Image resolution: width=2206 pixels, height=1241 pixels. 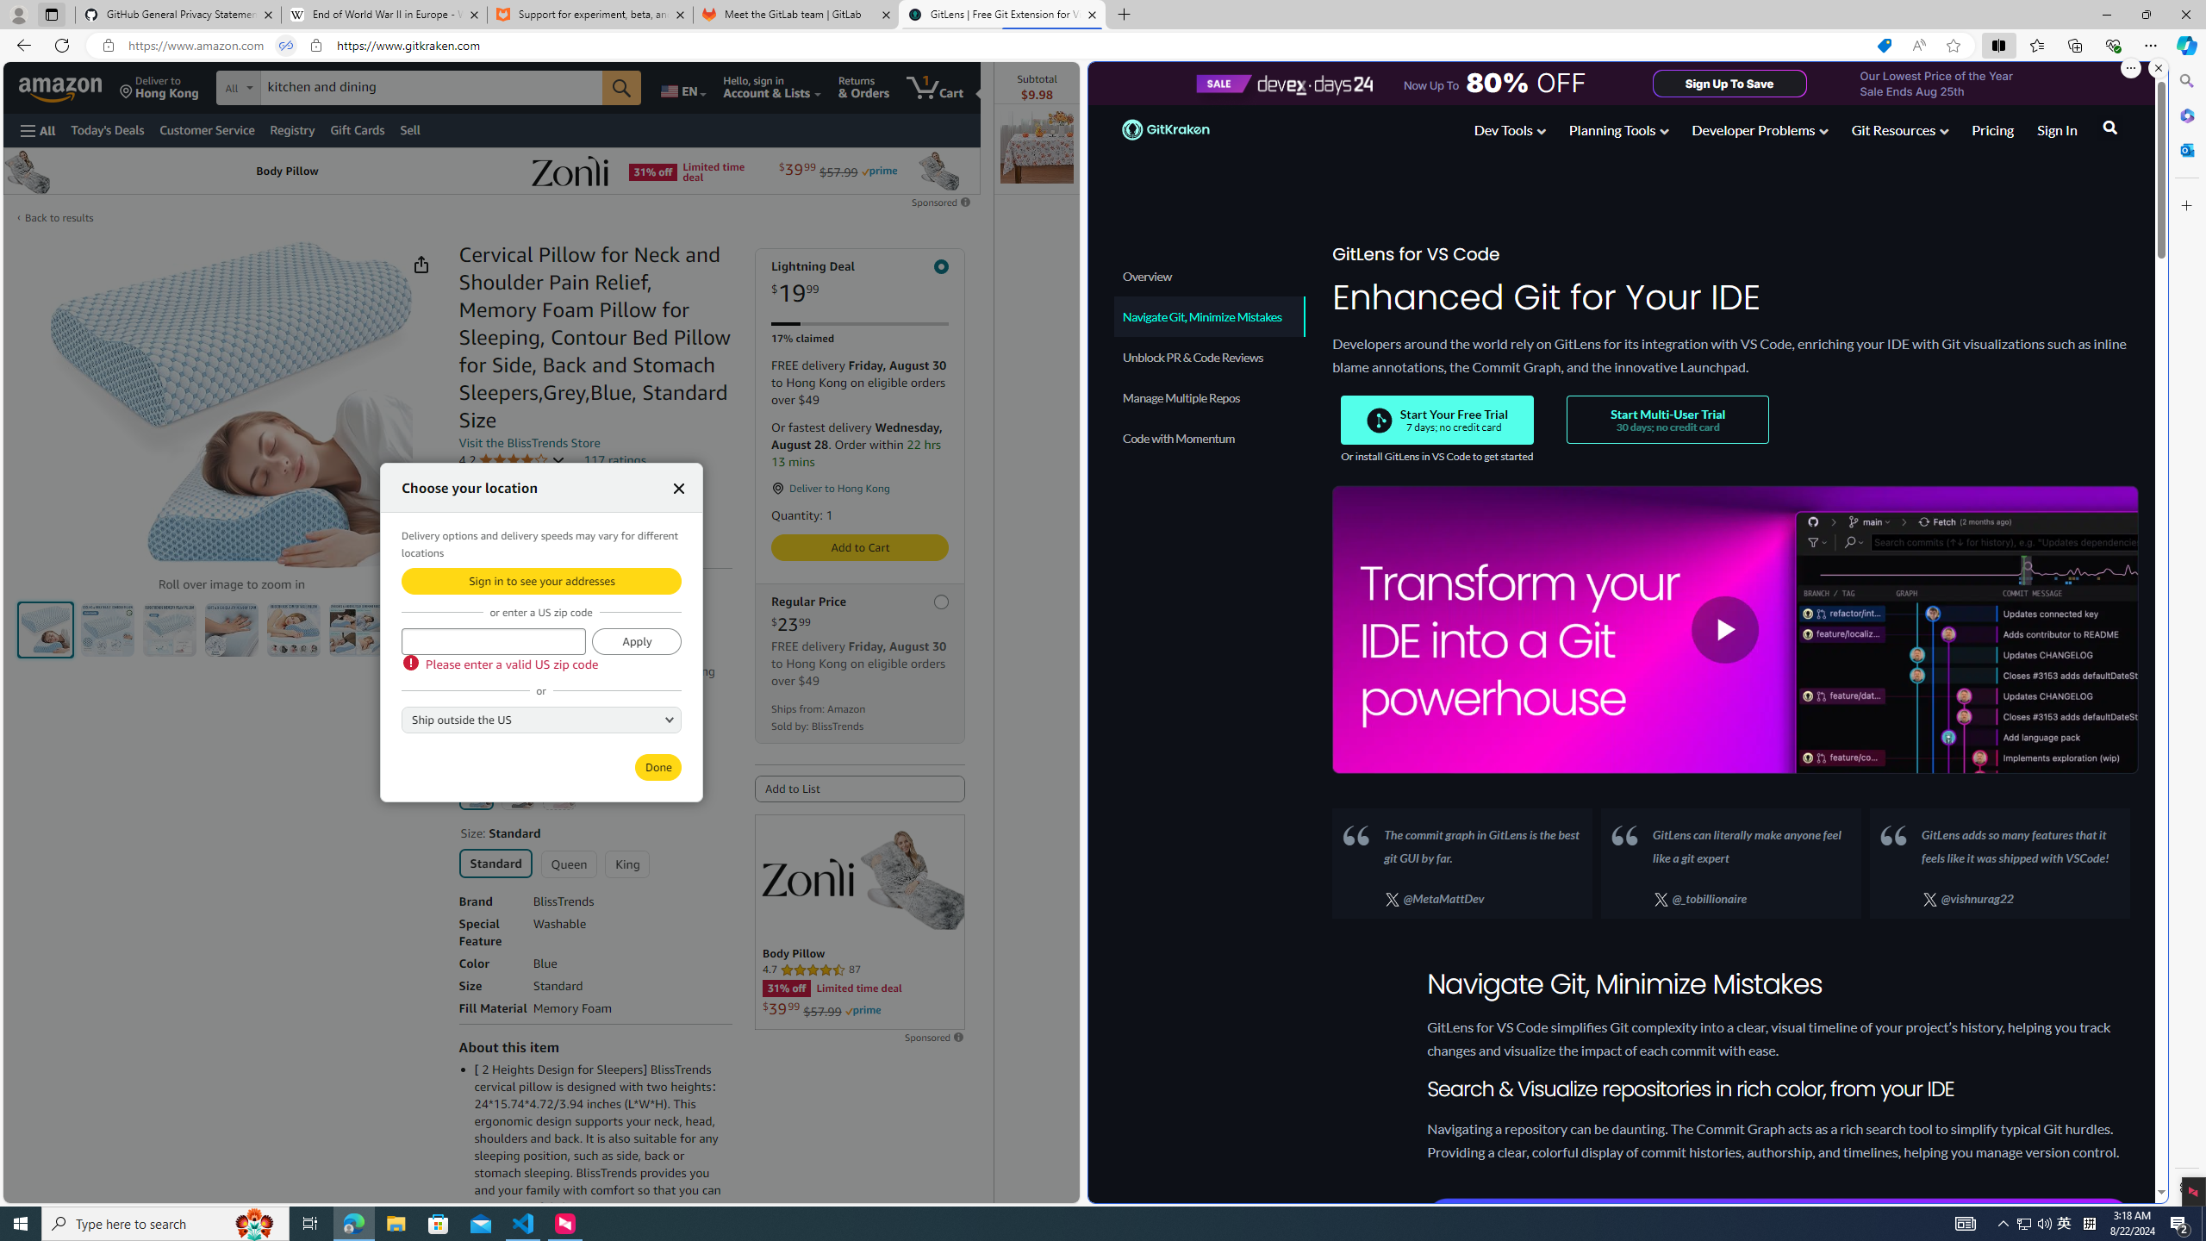 What do you see at coordinates (860, 284) in the screenshot?
I see `'Lightning Deal $19.99'` at bounding box center [860, 284].